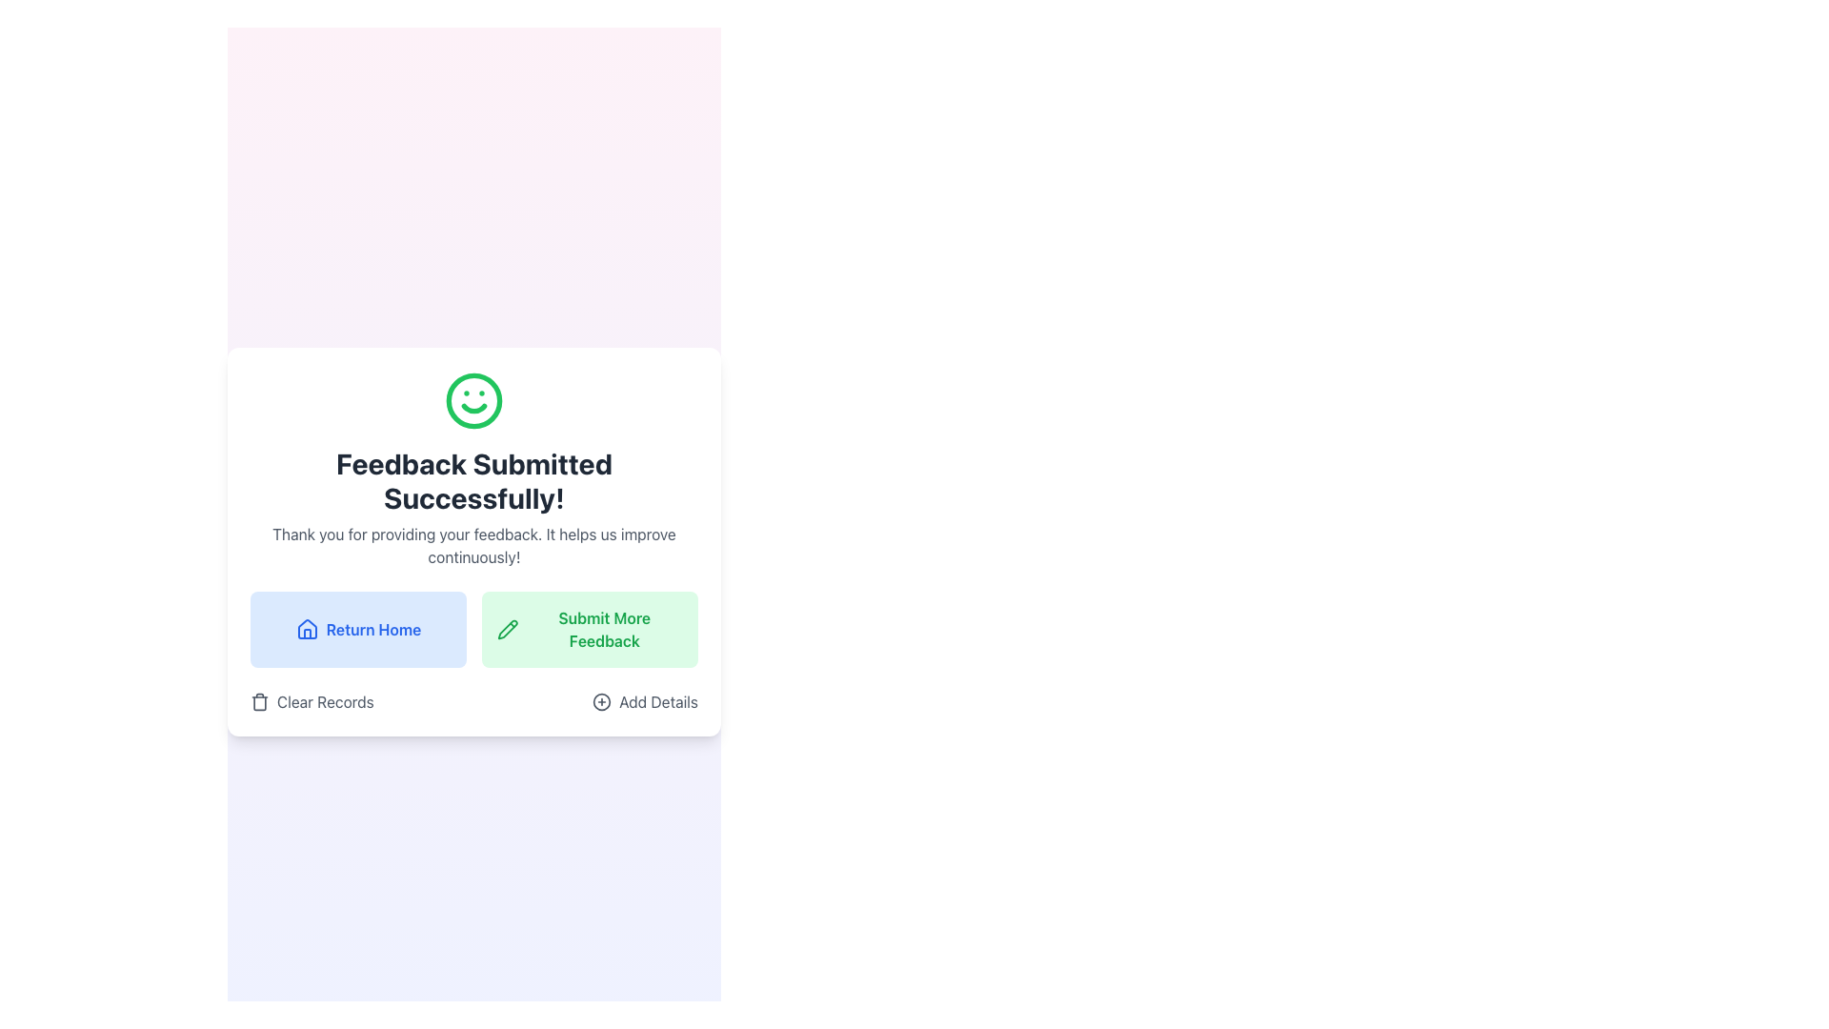 This screenshot has height=1029, width=1829. I want to click on the outer circular boundary of the 'Add Details' circle-plus icon located at the bottom right corner of the success message panel, so click(601, 701).